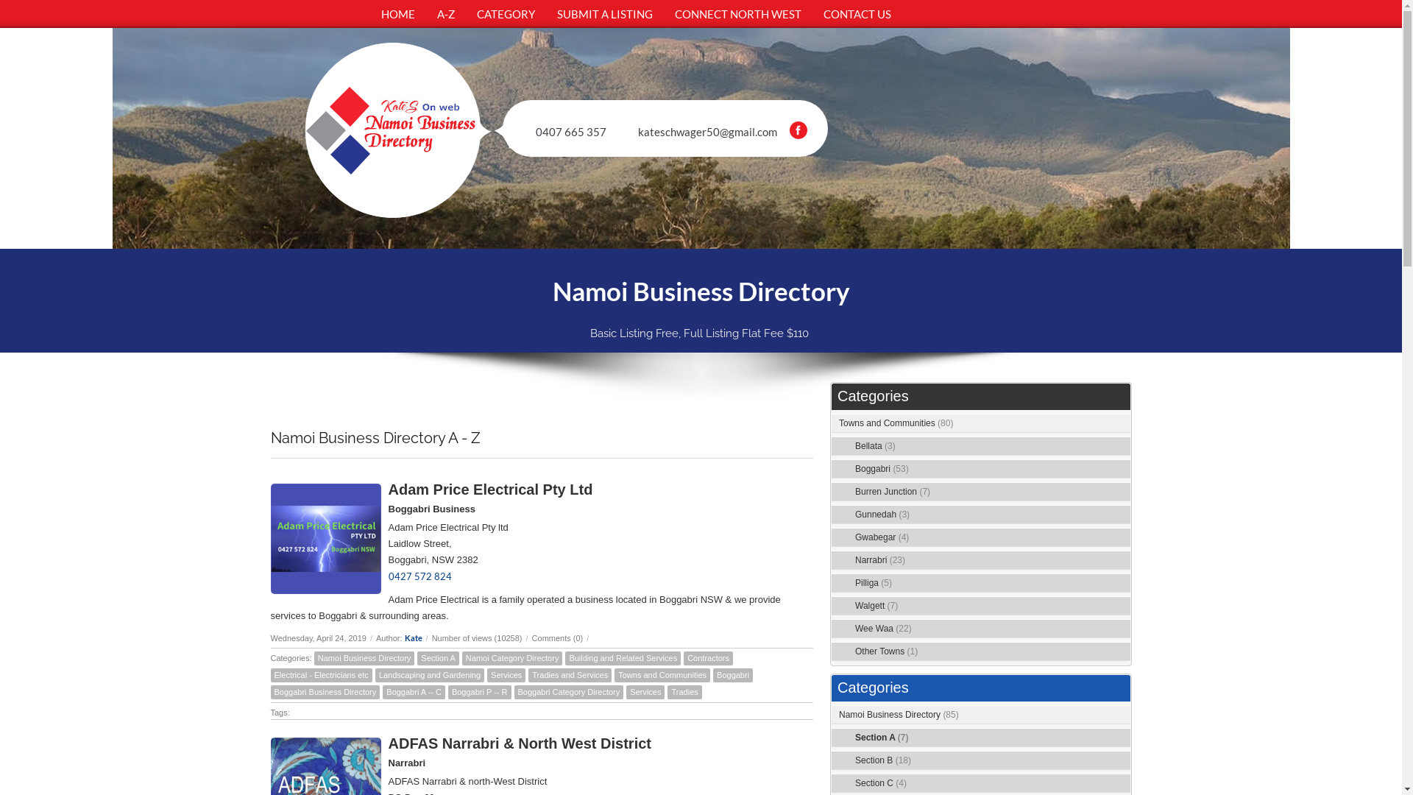 The height and width of the screenshot is (795, 1413). What do you see at coordinates (898, 714) in the screenshot?
I see `'Namoi Business Directory (85)'` at bounding box center [898, 714].